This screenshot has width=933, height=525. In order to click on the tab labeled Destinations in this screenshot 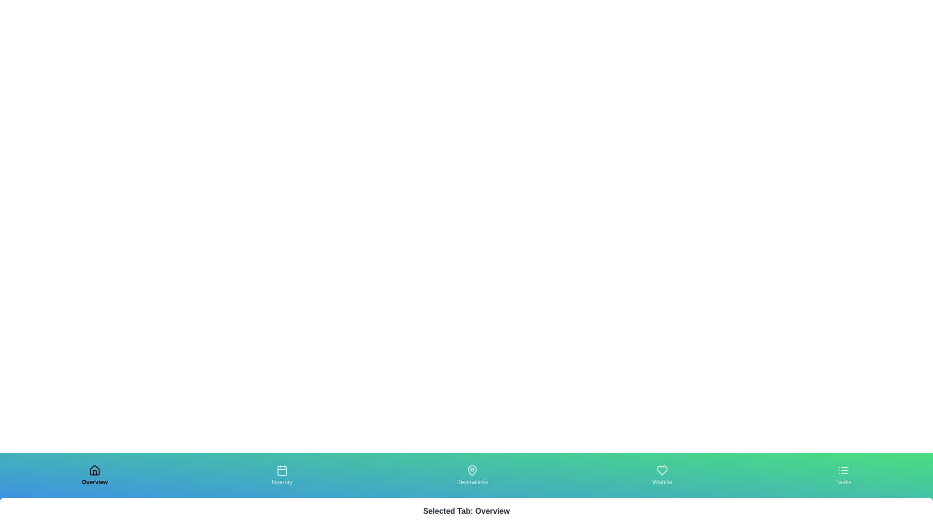, I will do `click(472, 475)`.